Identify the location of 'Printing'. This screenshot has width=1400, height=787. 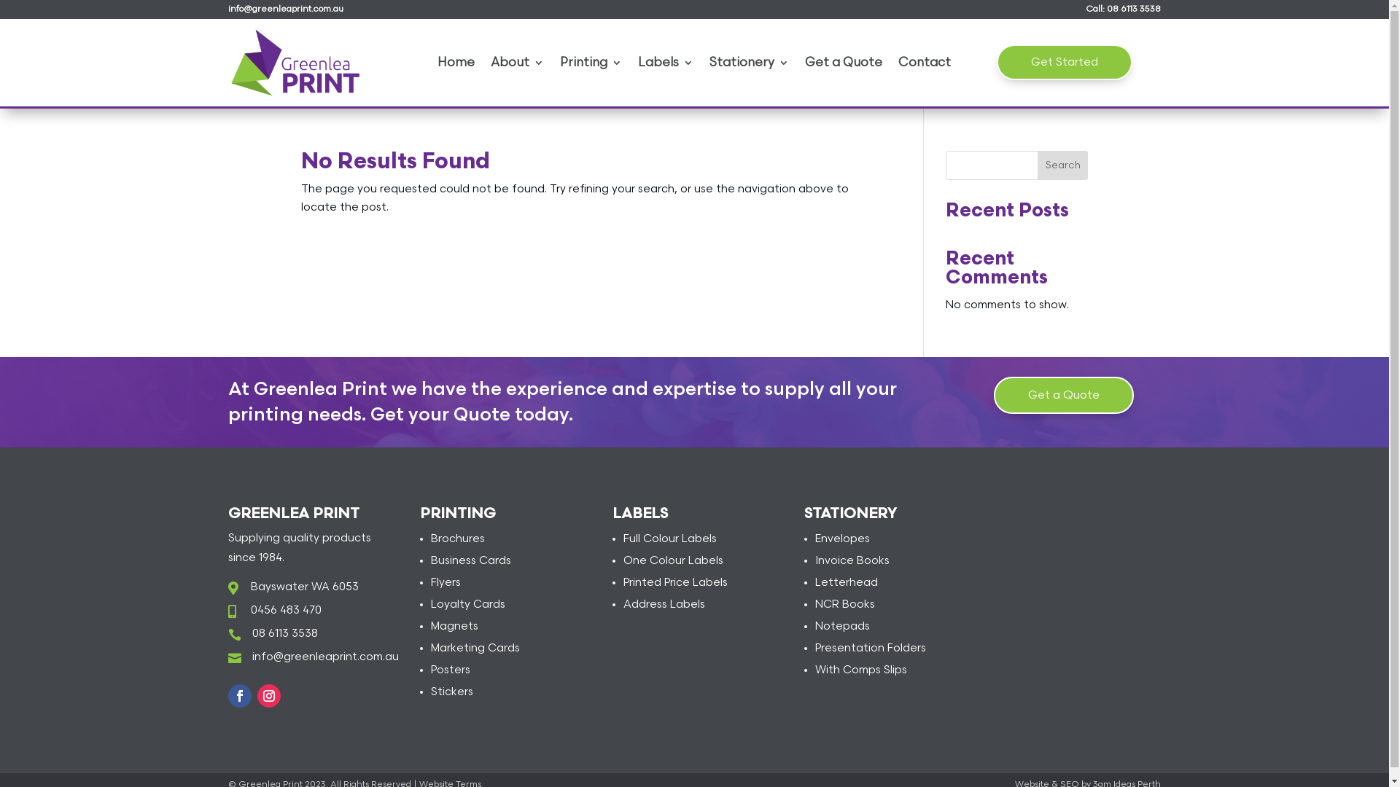
(591, 64).